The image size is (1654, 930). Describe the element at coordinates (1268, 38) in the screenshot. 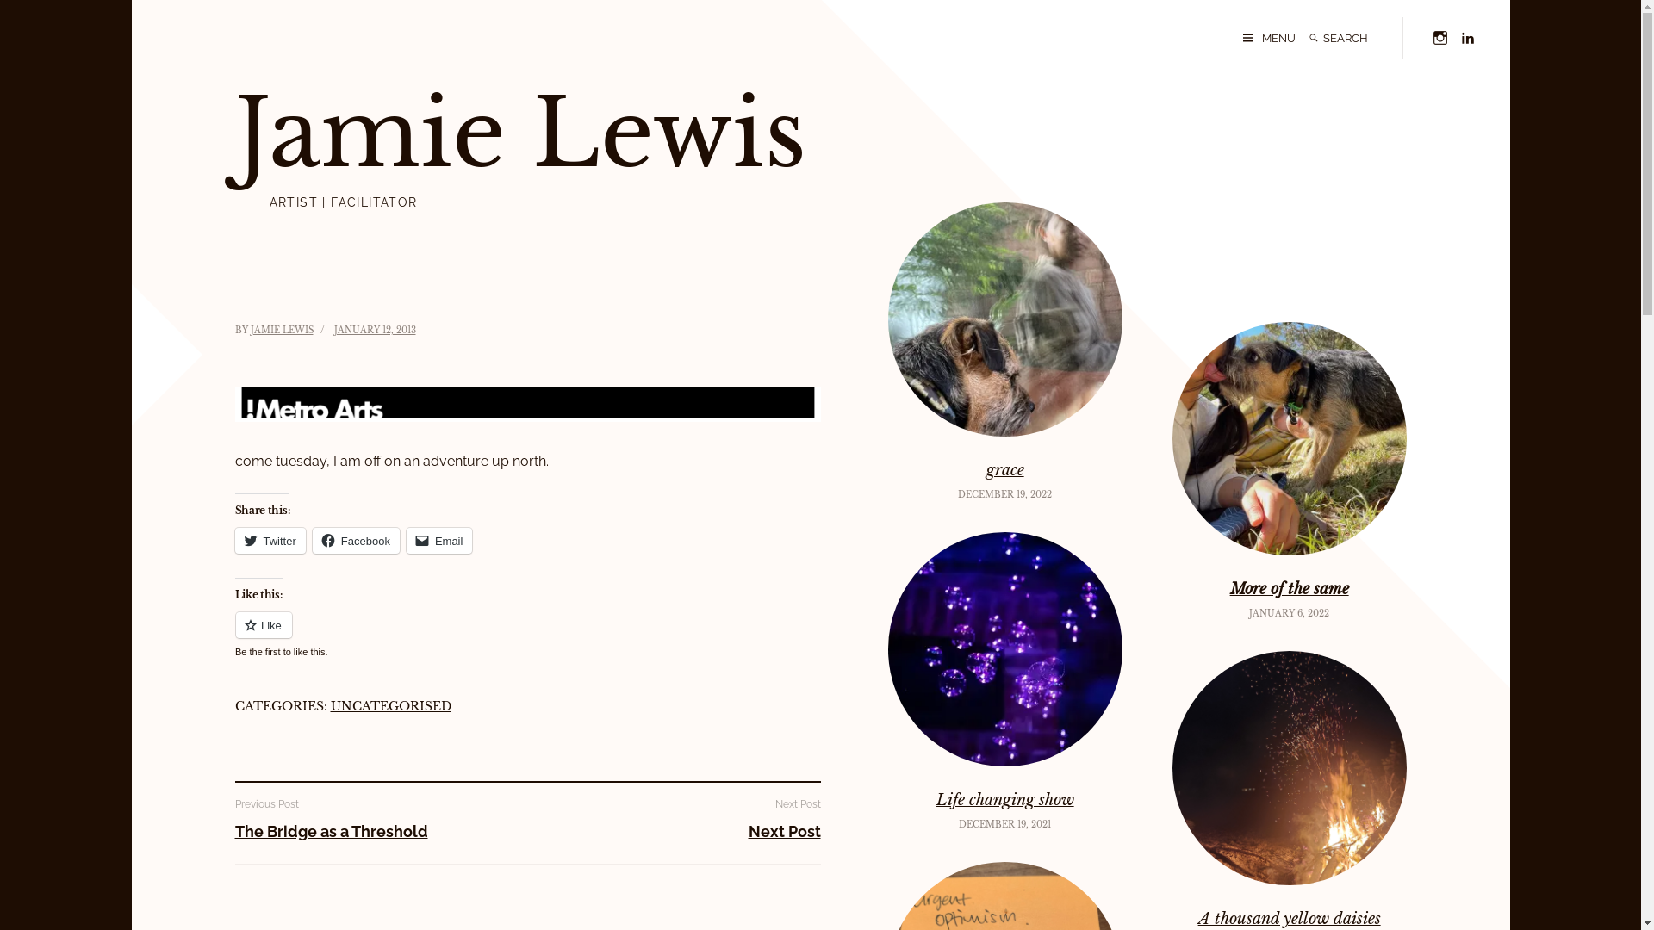

I see `'MENU'` at that location.